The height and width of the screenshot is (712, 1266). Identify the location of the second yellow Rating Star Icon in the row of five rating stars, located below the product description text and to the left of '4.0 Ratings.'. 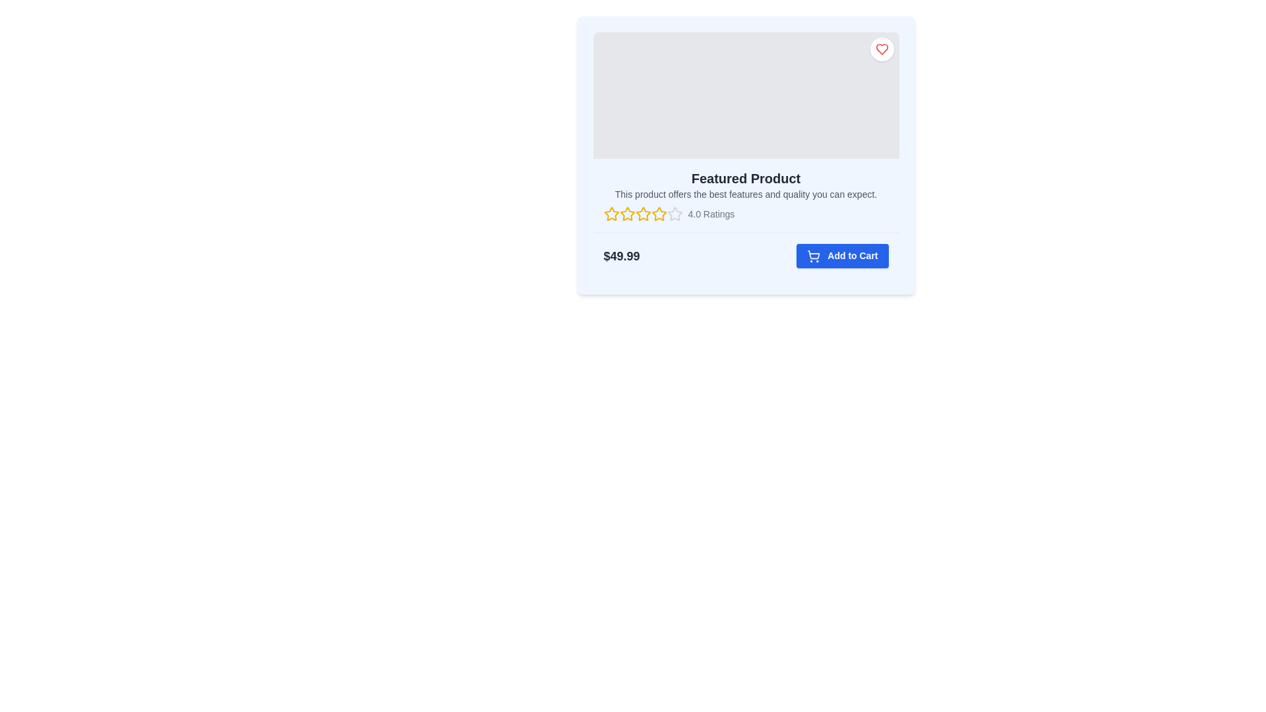
(626, 213).